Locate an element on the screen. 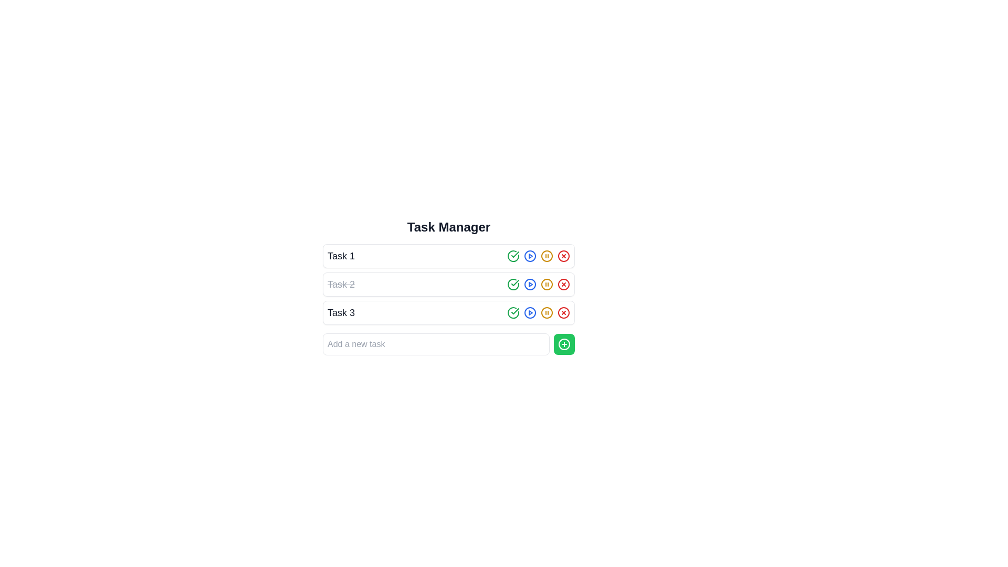 The height and width of the screenshot is (567, 1008). the Pause button icon, which is a circular border enclosing two vertical parallel lines with a thin golden outline, located in the task list next to 'Task 2' is located at coordinates (546, 312).